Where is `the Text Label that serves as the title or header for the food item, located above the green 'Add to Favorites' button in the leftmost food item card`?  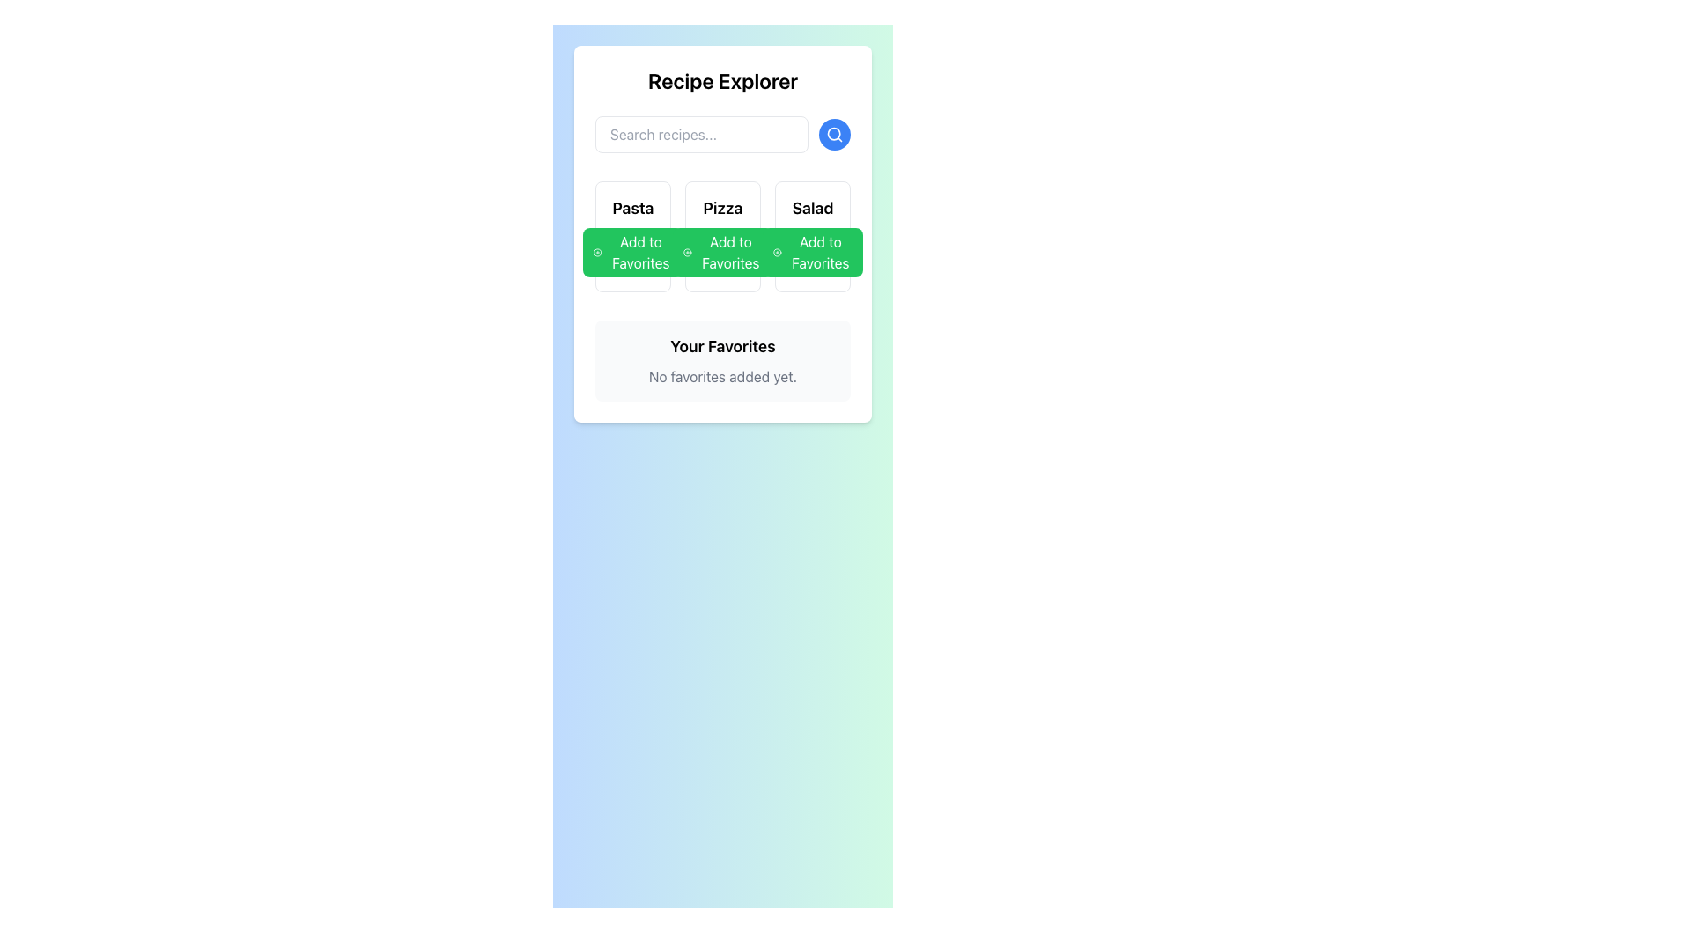 the Text Label that serves as the title or header for the food item, located above the green 'Add to Favorites' button in the leftmost food item card is located at coordinates (633, 207).